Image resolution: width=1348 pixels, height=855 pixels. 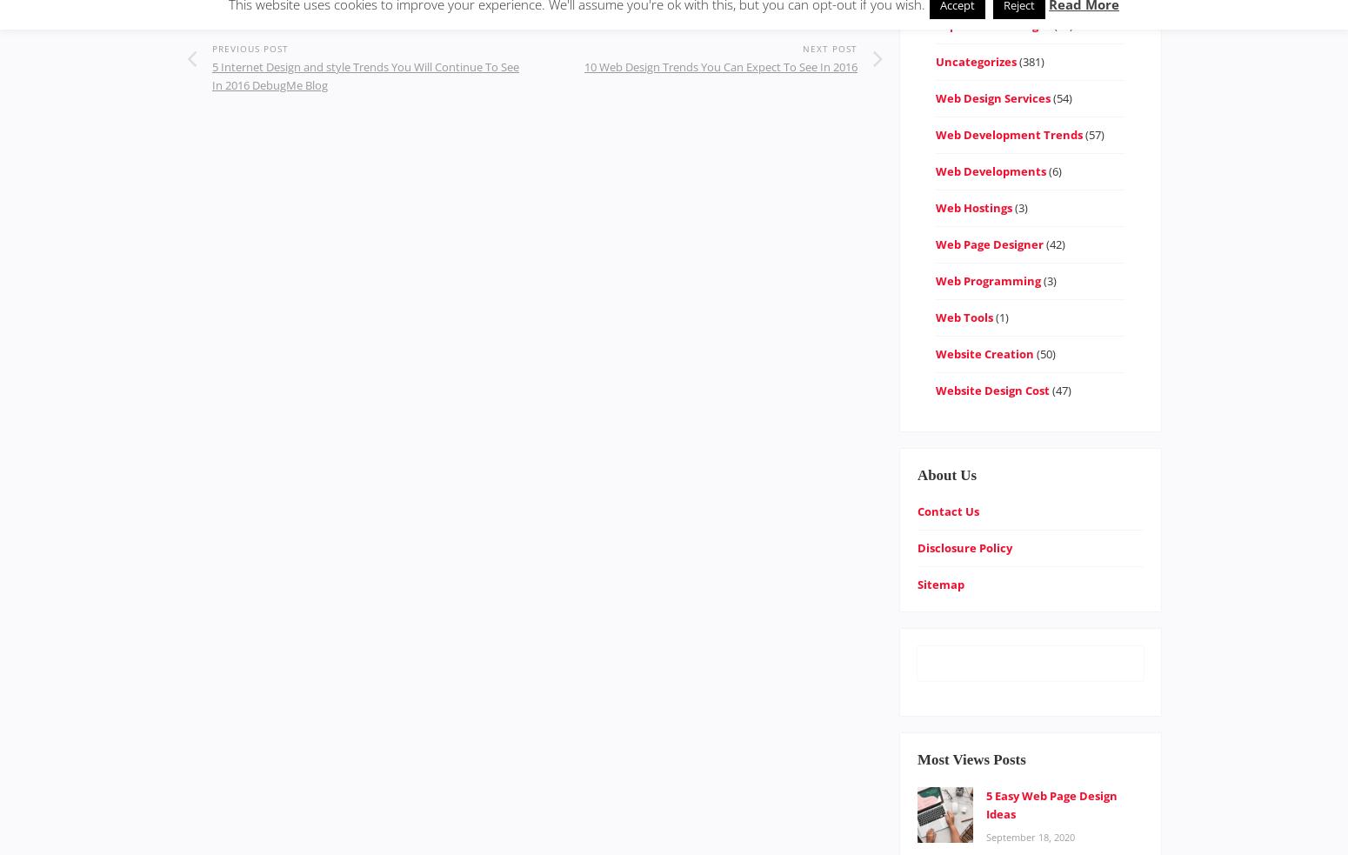 I want to click on '10 Web Design Trends You Can Expect To See In 2016', so click(x=719, y=65).